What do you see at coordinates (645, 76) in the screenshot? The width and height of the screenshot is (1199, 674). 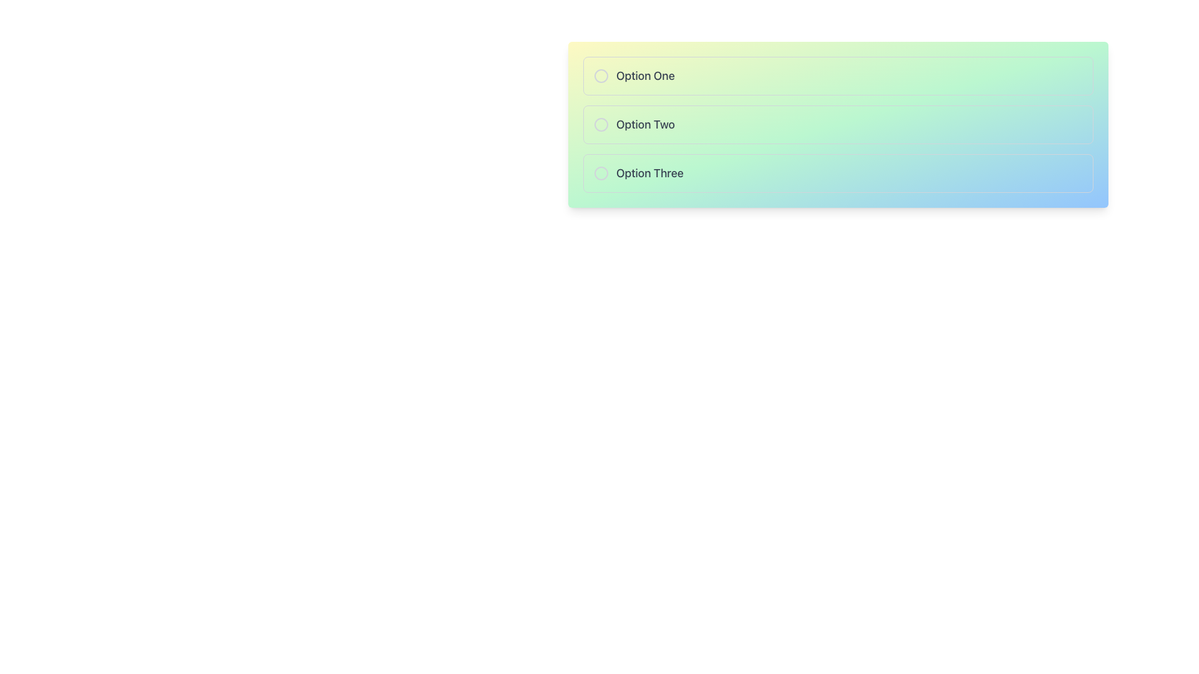 I see `text label that describes the selectable option 'Option One', which is centrally located within the uppermost option box of a vertical list` at bounding box center [645, 76].